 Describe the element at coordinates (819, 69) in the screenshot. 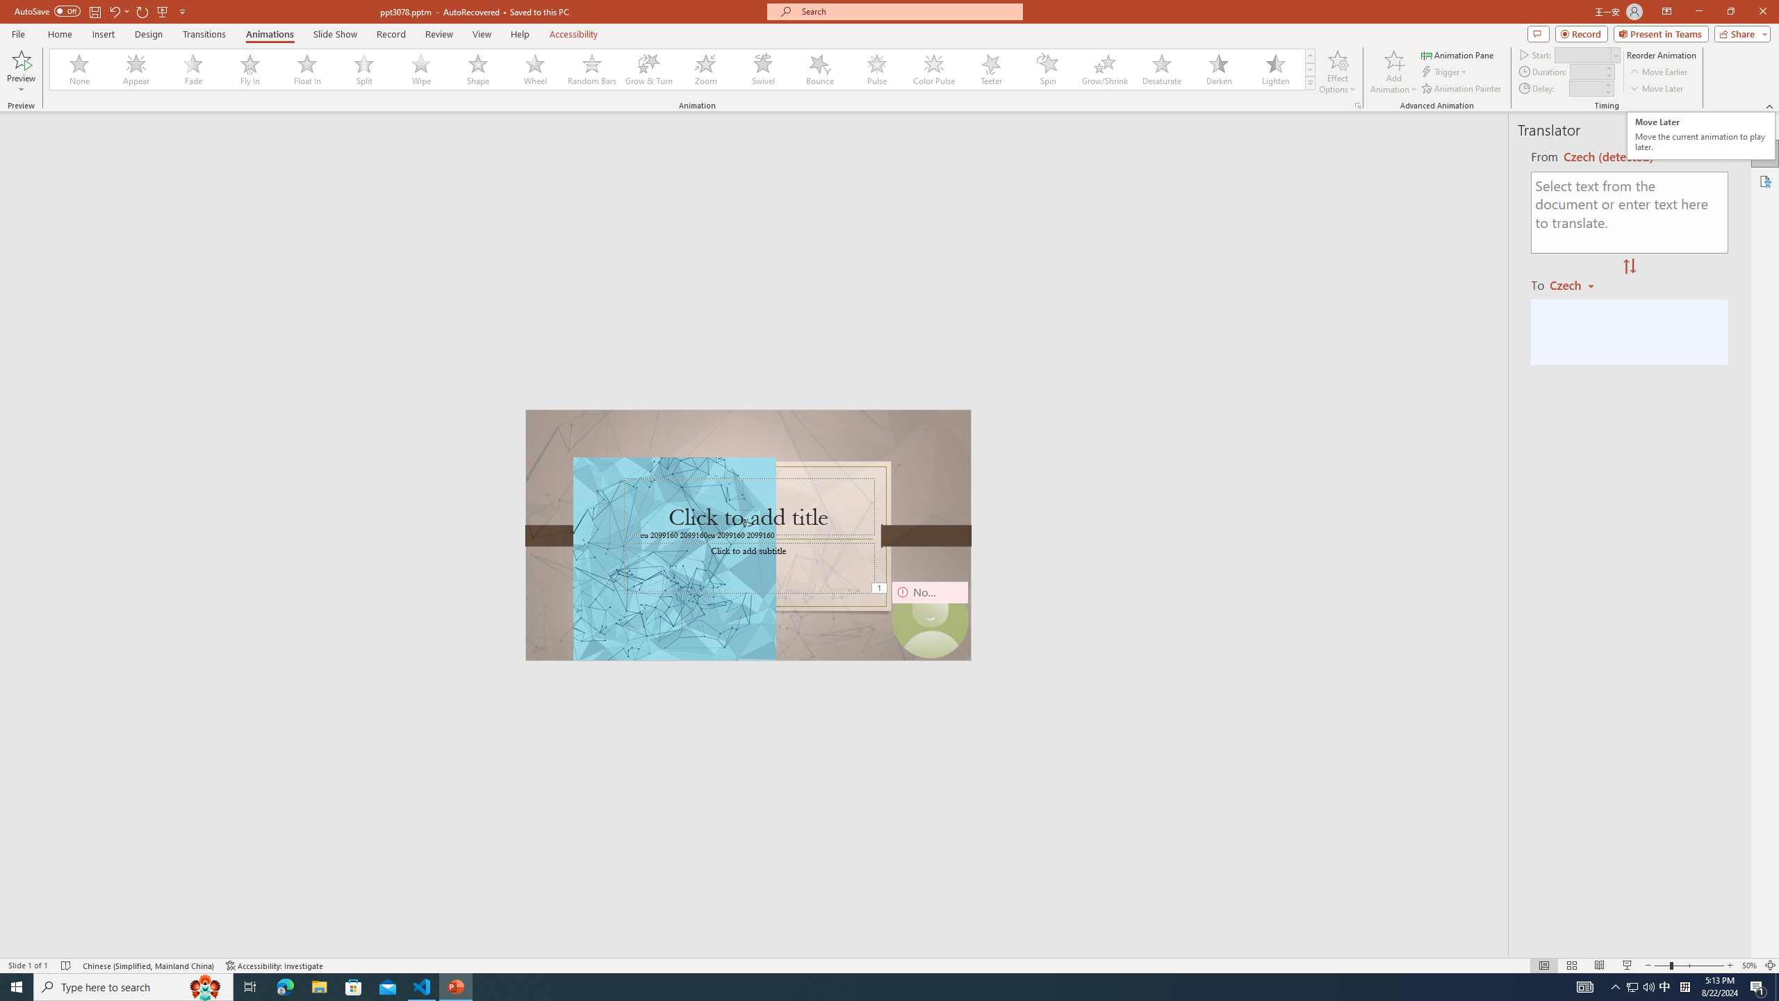

I see `'Bounce'` at that location.